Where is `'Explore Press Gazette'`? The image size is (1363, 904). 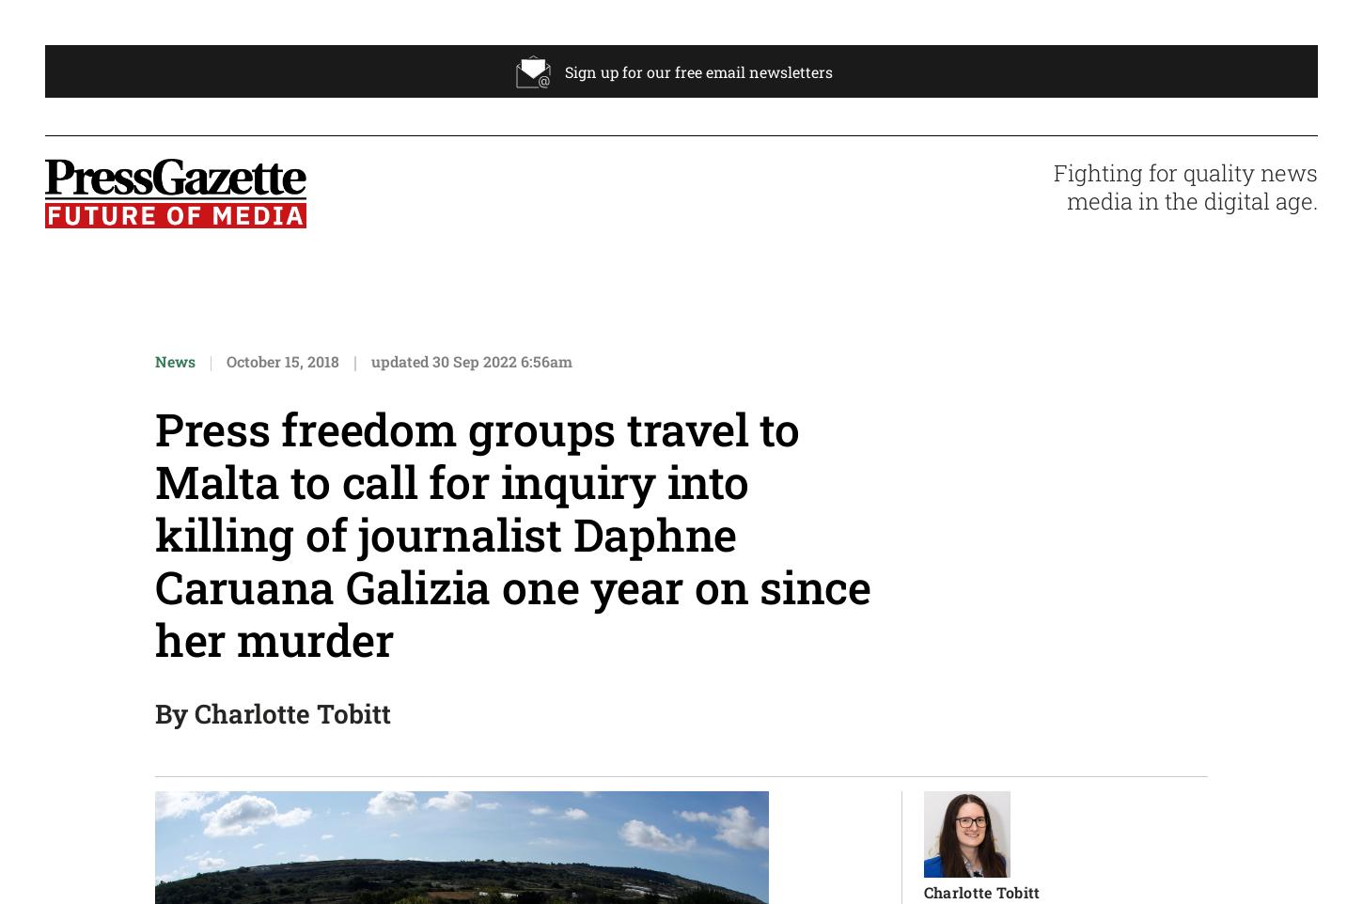
'Explore Press Gazette' is located at coordinates (722, 205).